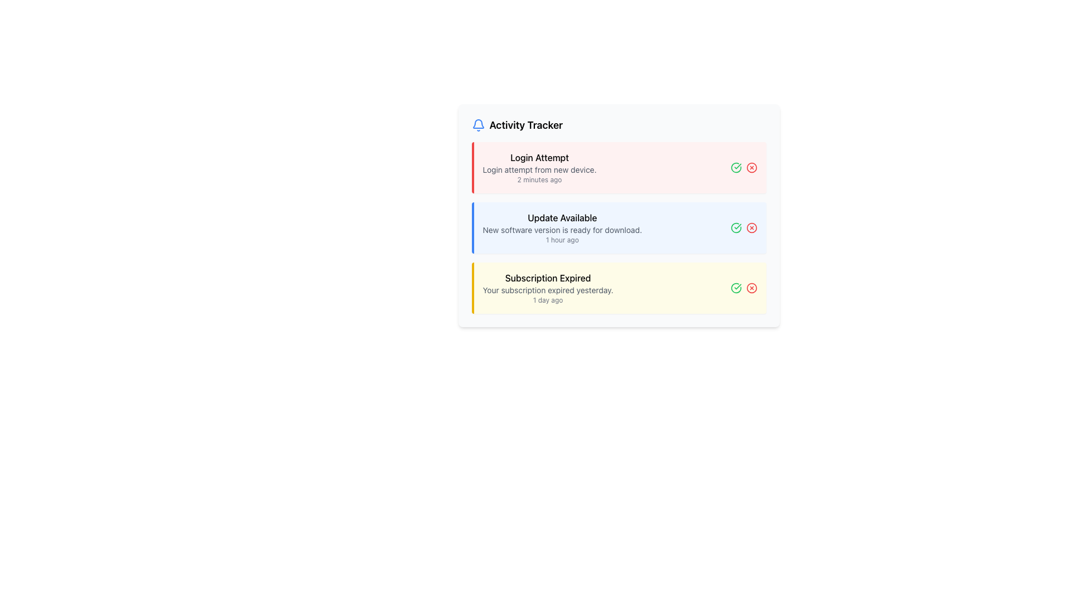 The width and height of the screenshot is (1071, 602). What do you see at coordinates (548, 287) in the screenshot?
I see `message in the Text notification block that informs the user about their expired subscription, located in the Activity Tracker section, positioned between the 'Update Available' notification and blank space` at bounding box center [548, 287].